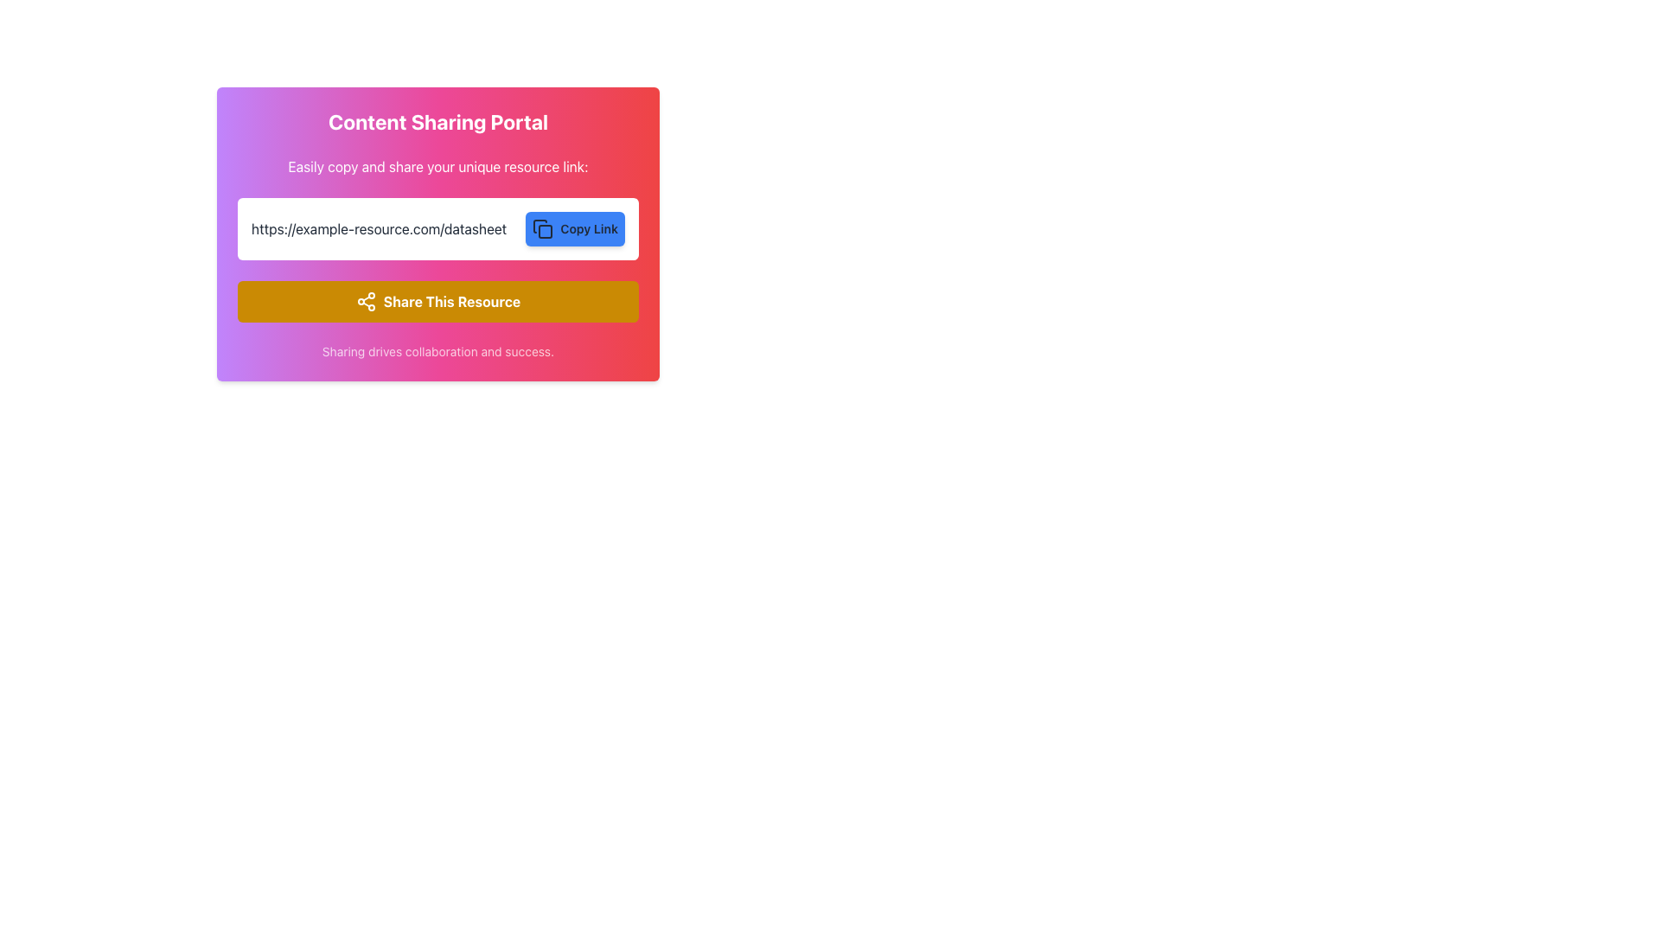  What do you see at coordinates (452, 300) in the screenshot?
I see `the text label 'Share This Resource' which is centered within a yellow button-like component at the bottom of the card interface` at bounding box center [452, 300].